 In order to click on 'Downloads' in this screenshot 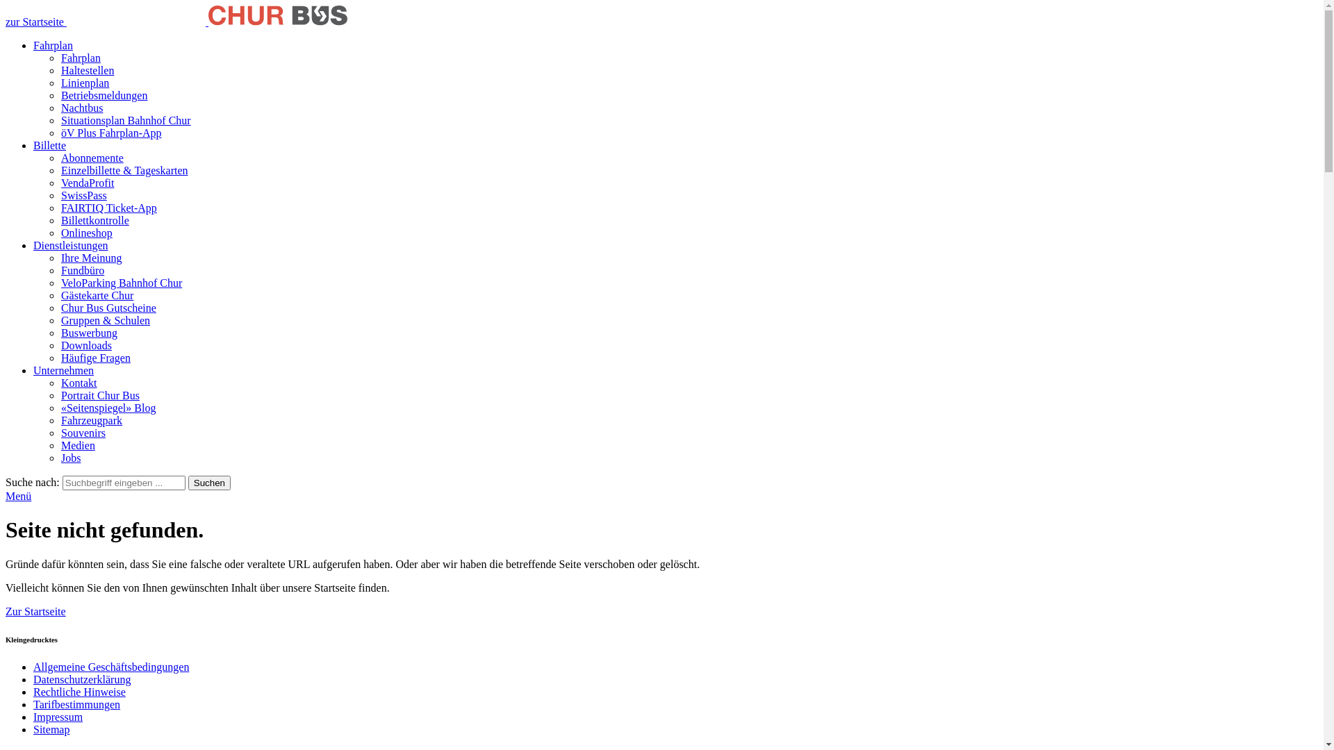, I will do `click(85, 344)`.